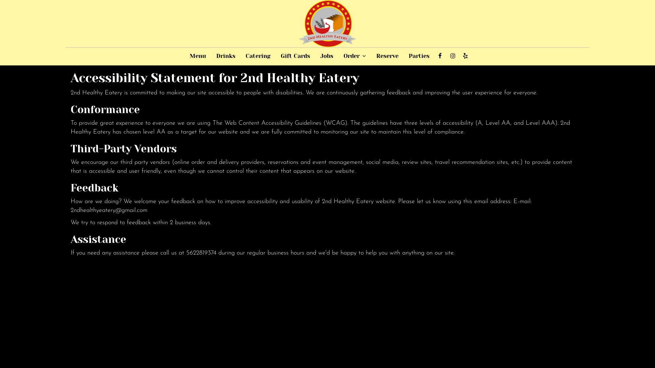  What do you see at coordinates (326, 56) in the screenshot?
I see `'Jobs'` at bounding box center [326, 56].